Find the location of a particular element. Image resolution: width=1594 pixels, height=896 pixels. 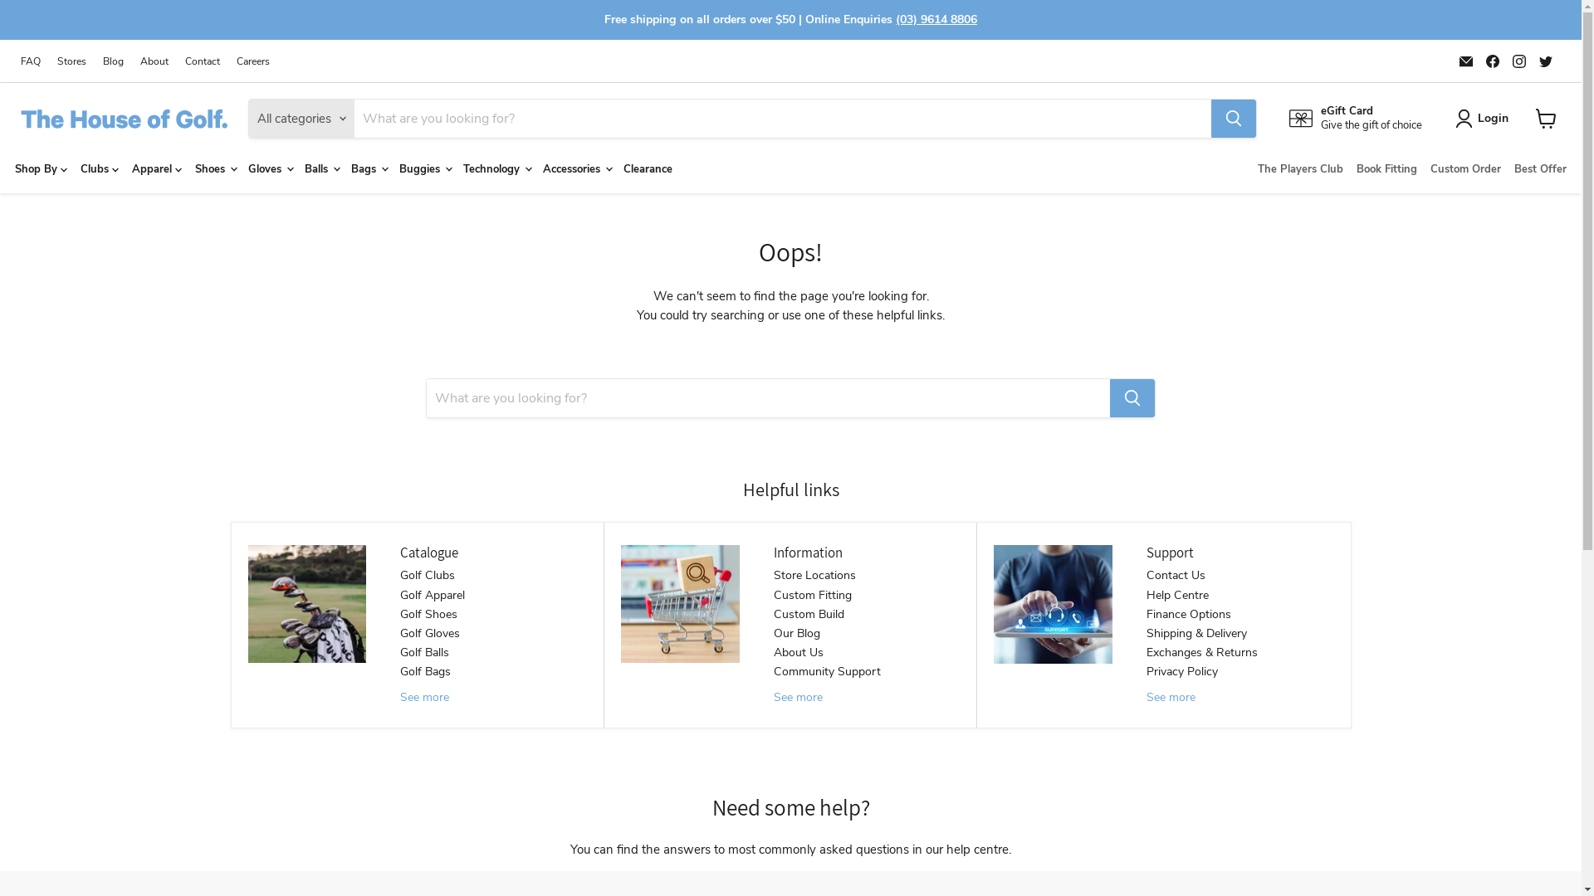

'Golf Balls' is located at coordinates (424, 651).